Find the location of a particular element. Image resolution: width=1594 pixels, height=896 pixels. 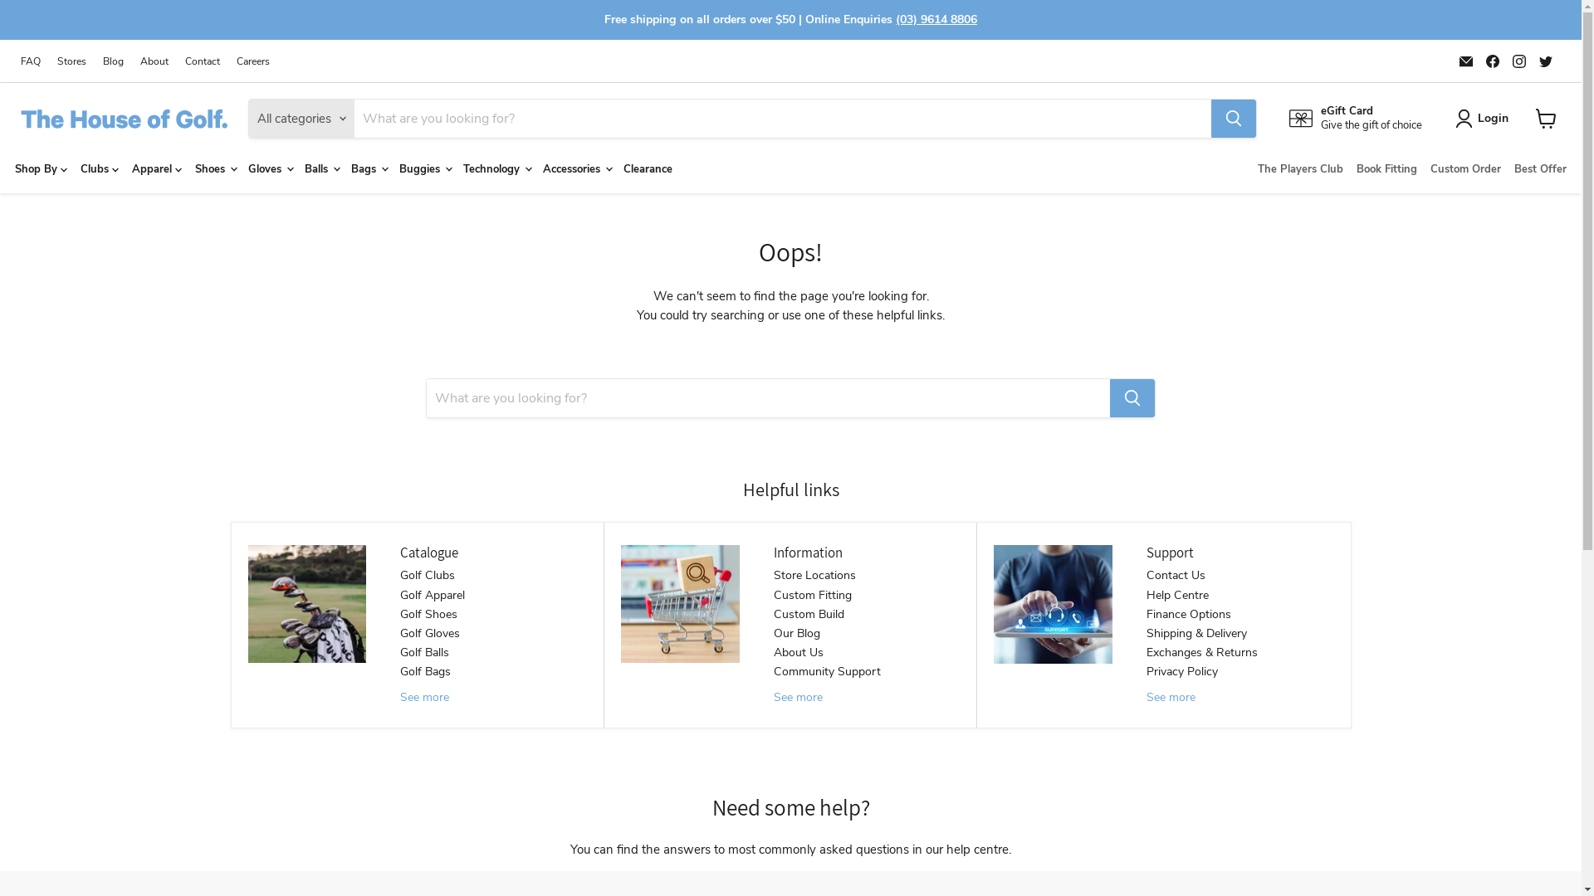

'Golf Balls' is located at coordinates (424, 651).